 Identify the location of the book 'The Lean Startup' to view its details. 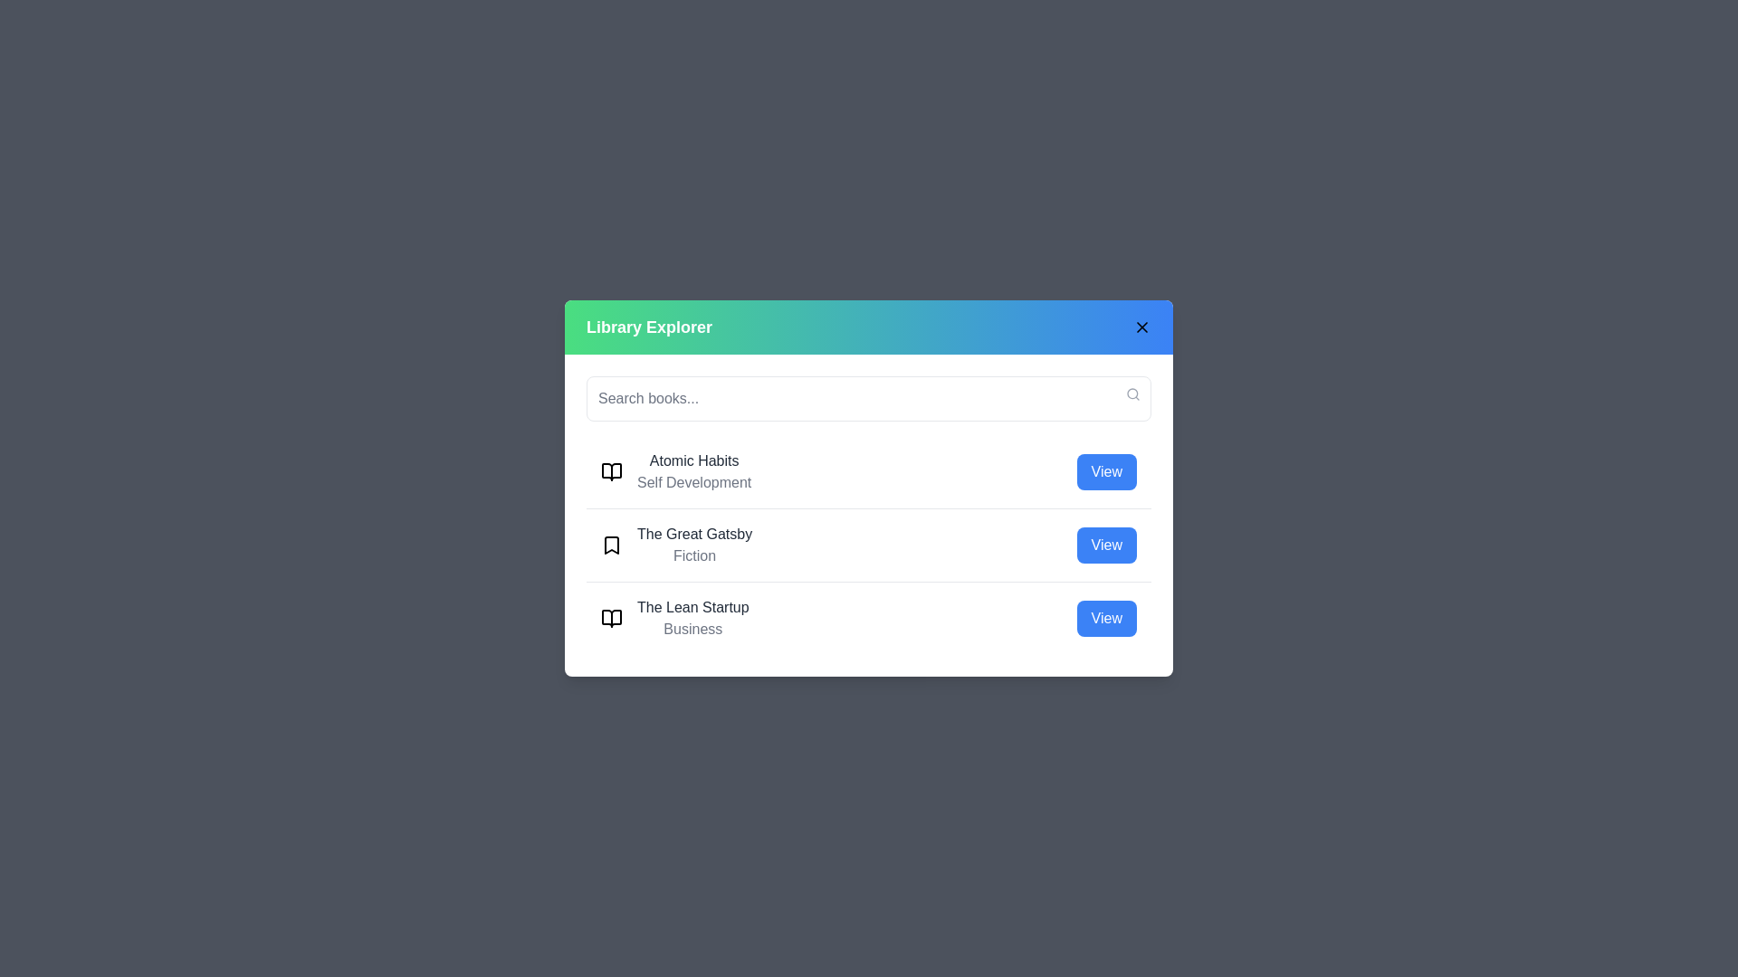
(1105, 617).